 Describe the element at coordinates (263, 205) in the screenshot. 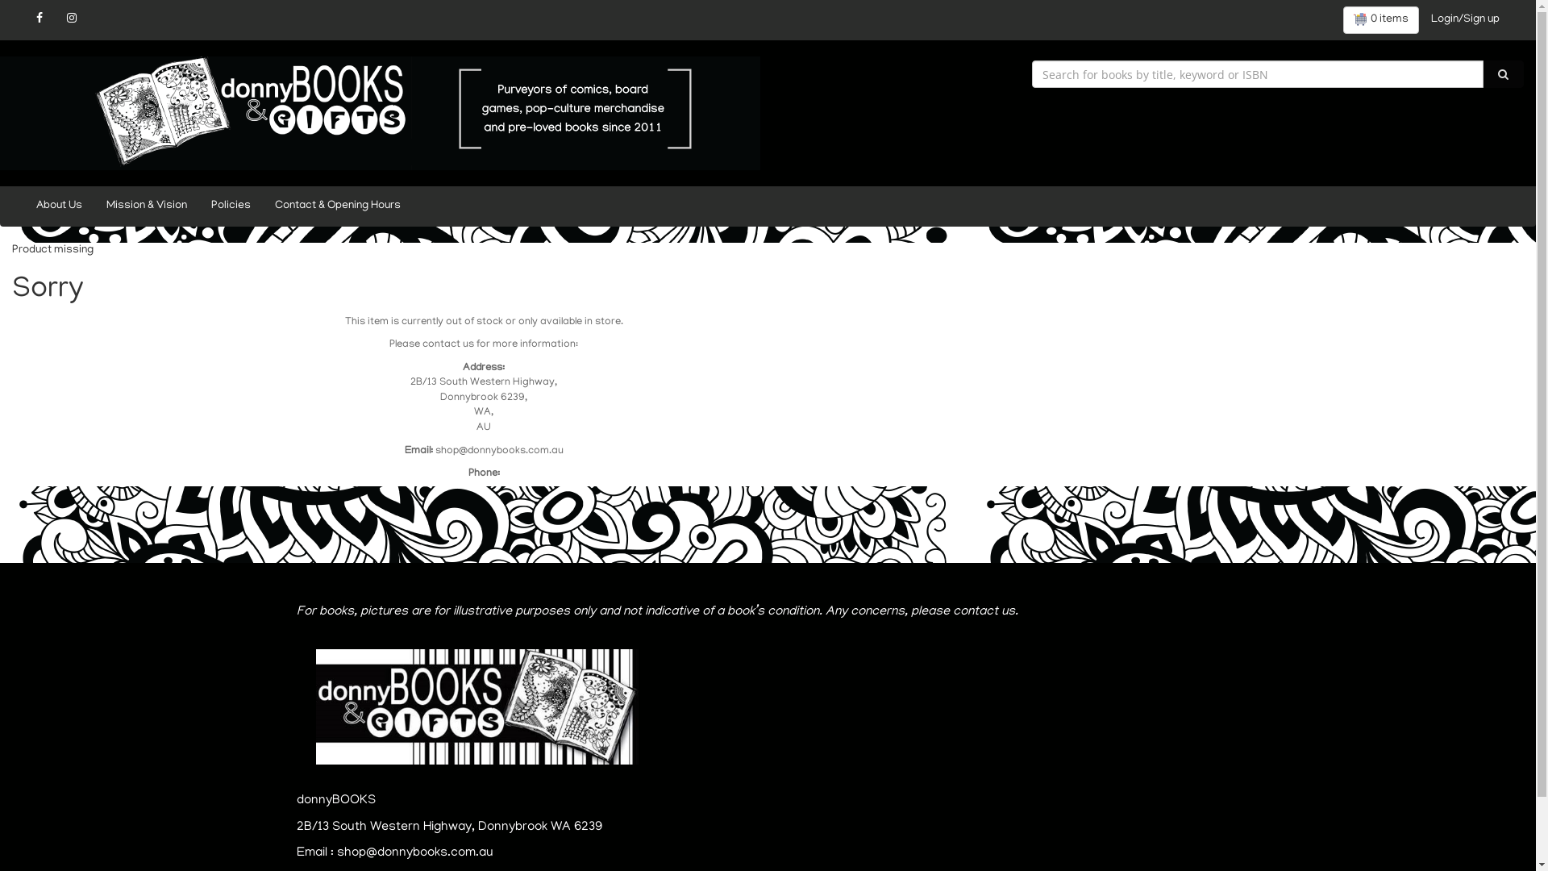

I see `'Contact & Opening Hours'` at that location.